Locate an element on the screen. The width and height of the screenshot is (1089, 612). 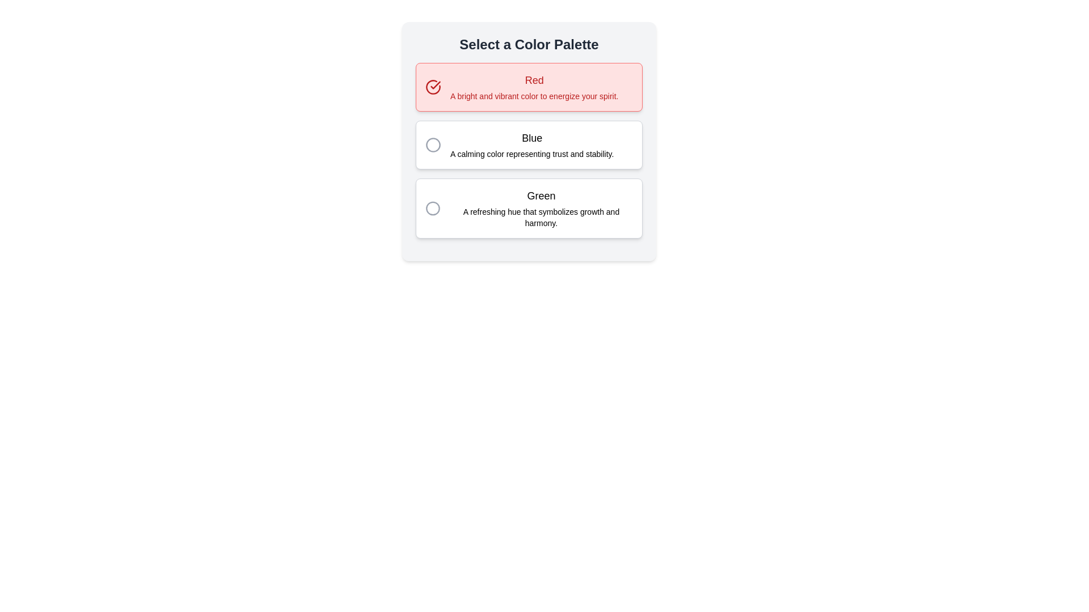
text label indicating the color option 'Blue' in the 'Select a Color Palette' menu, which is located at the center of the interface is located at coordinates (531, 137).